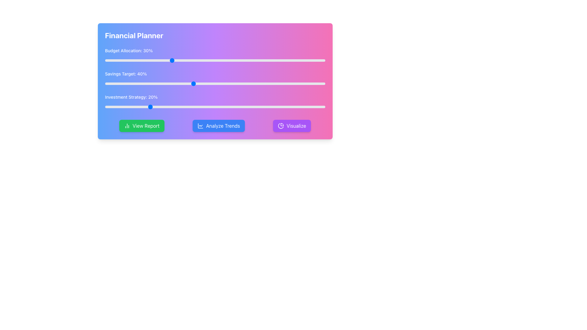 Image resolution: width=587 pixels, height=330 pixels. What do you see at coordinates (129, 60) in the screenshot?
I see `the budget allocation slider` at bounding box center [129, 60].